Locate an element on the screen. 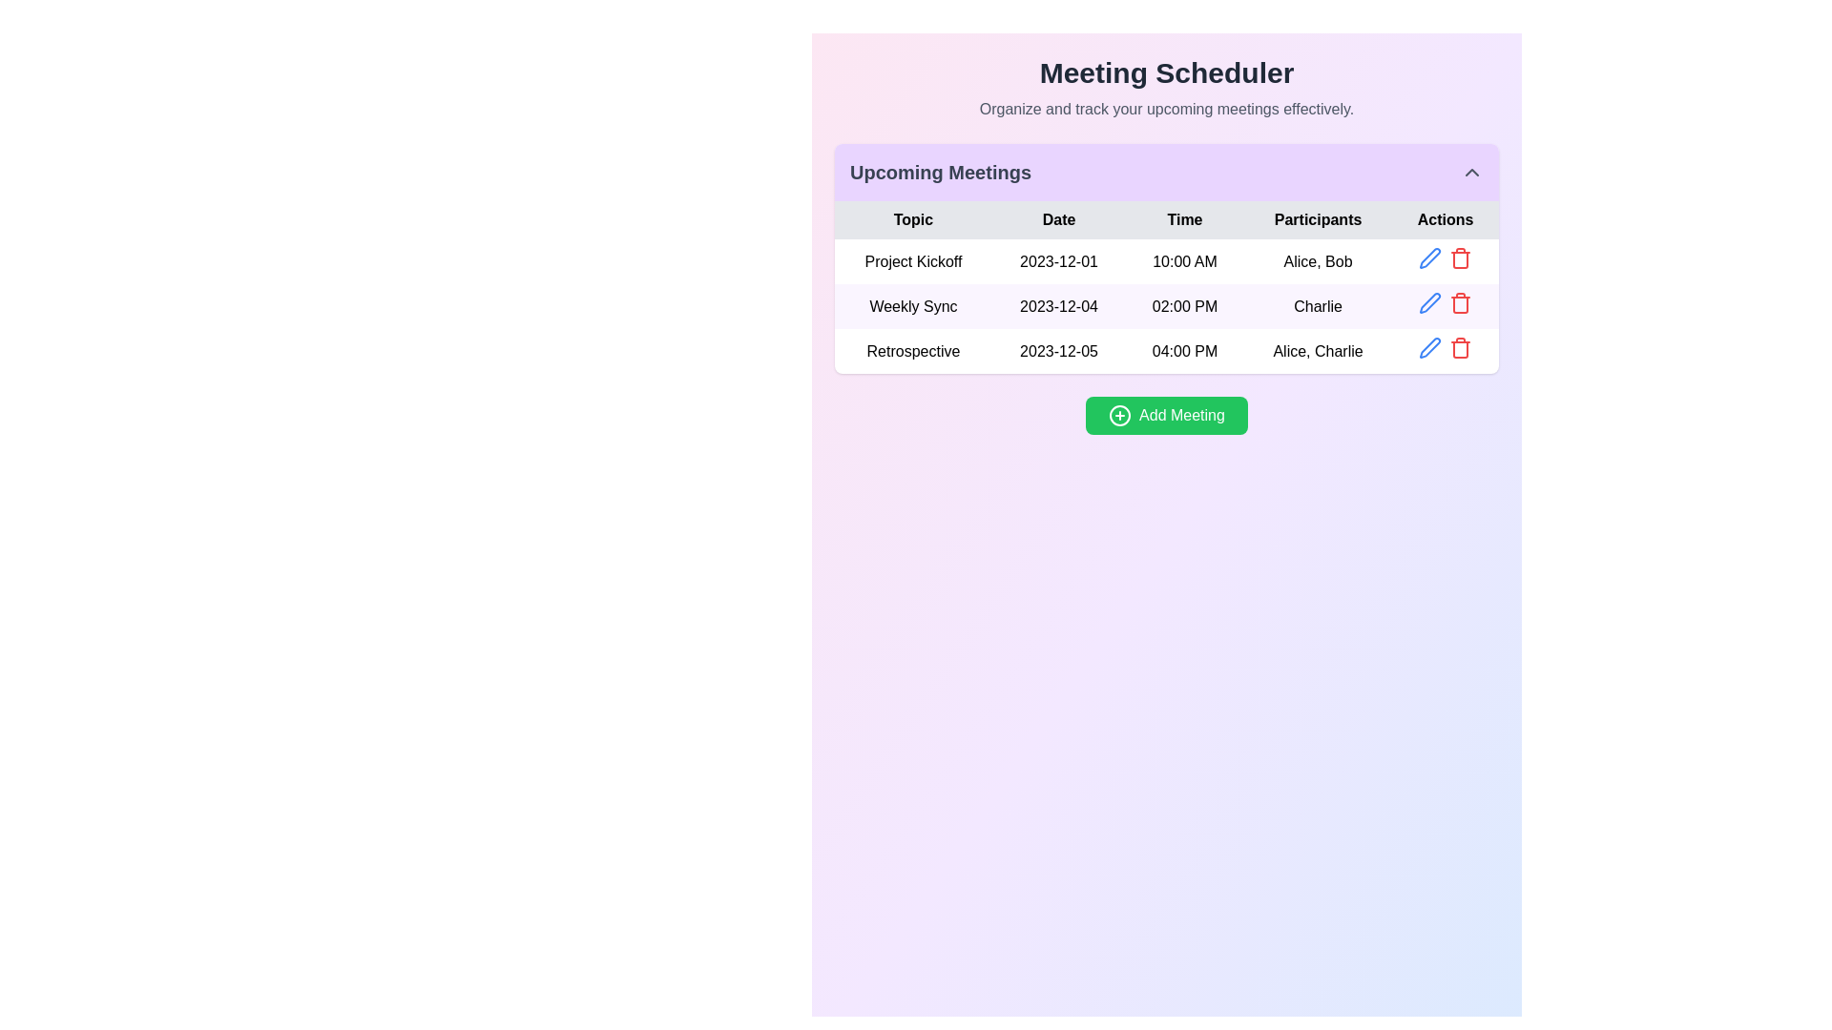 This screenshot has height=1030, width=1832. the 'Add Meeting' button located at the bottom of the 'Meeting Scheduler' interface is located at coordinates (1166, 414).